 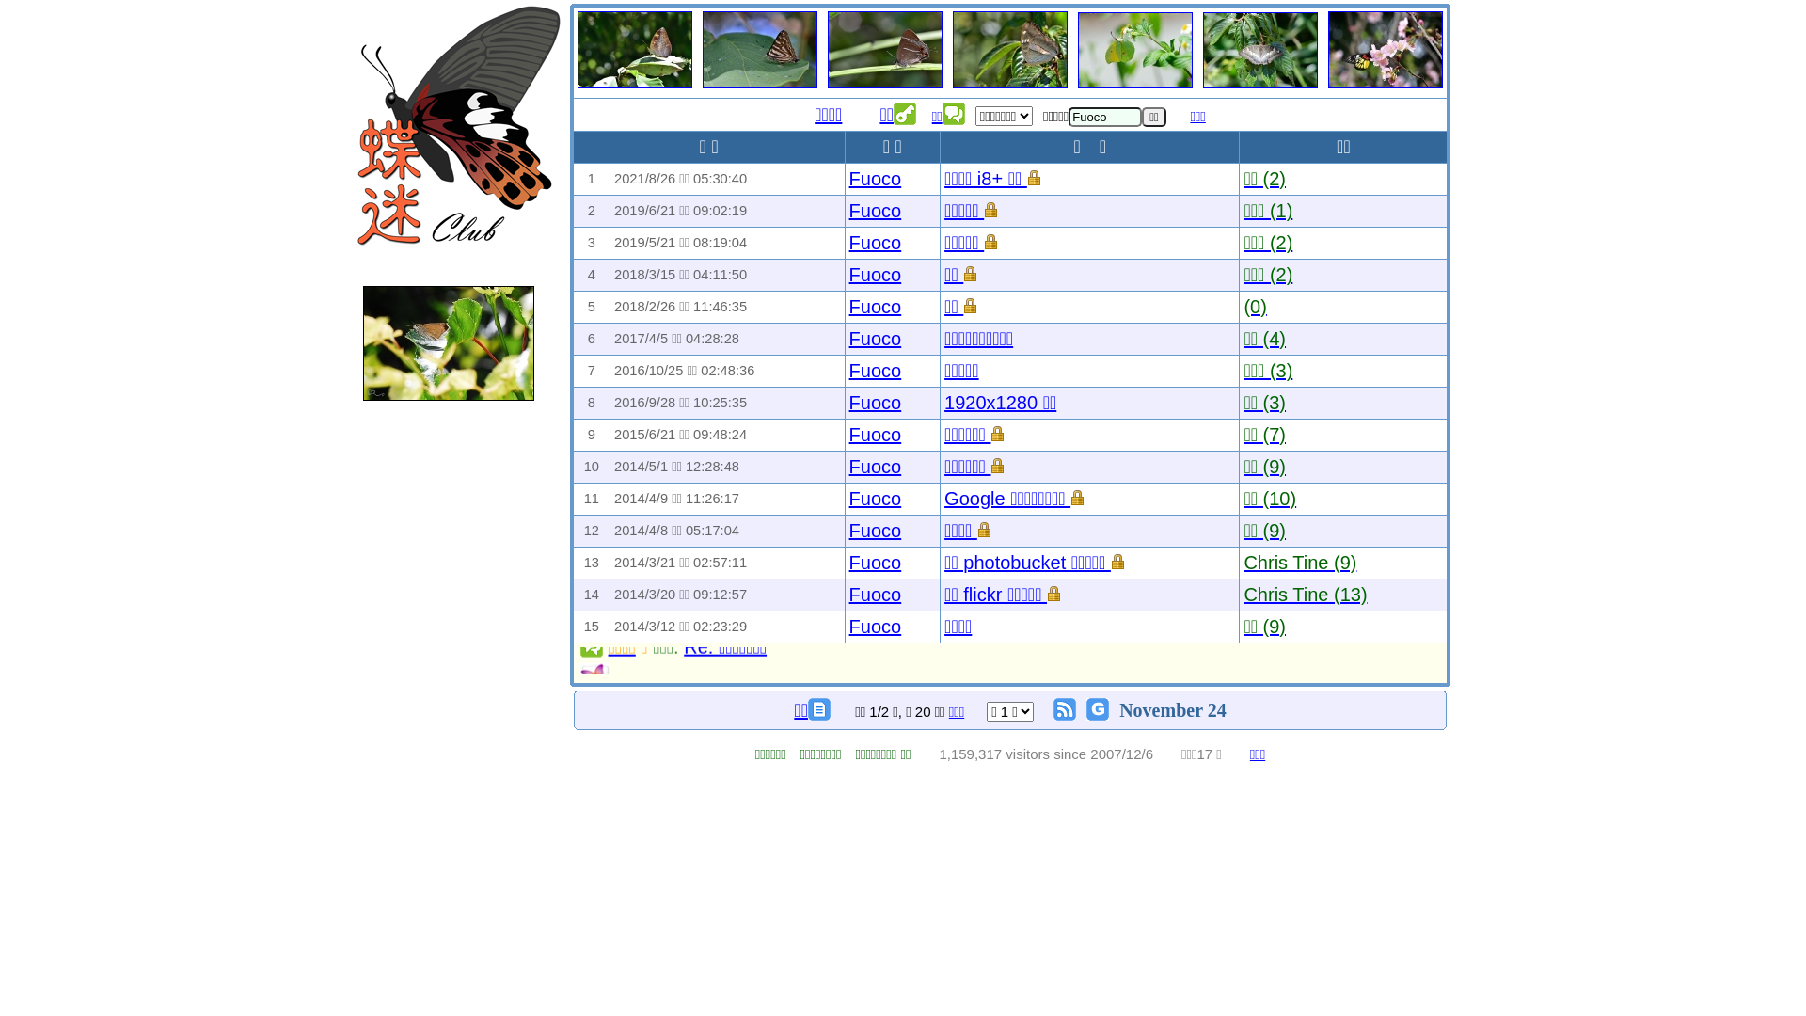 I want to click on 'Fuoco', so click(x=875, y=627).